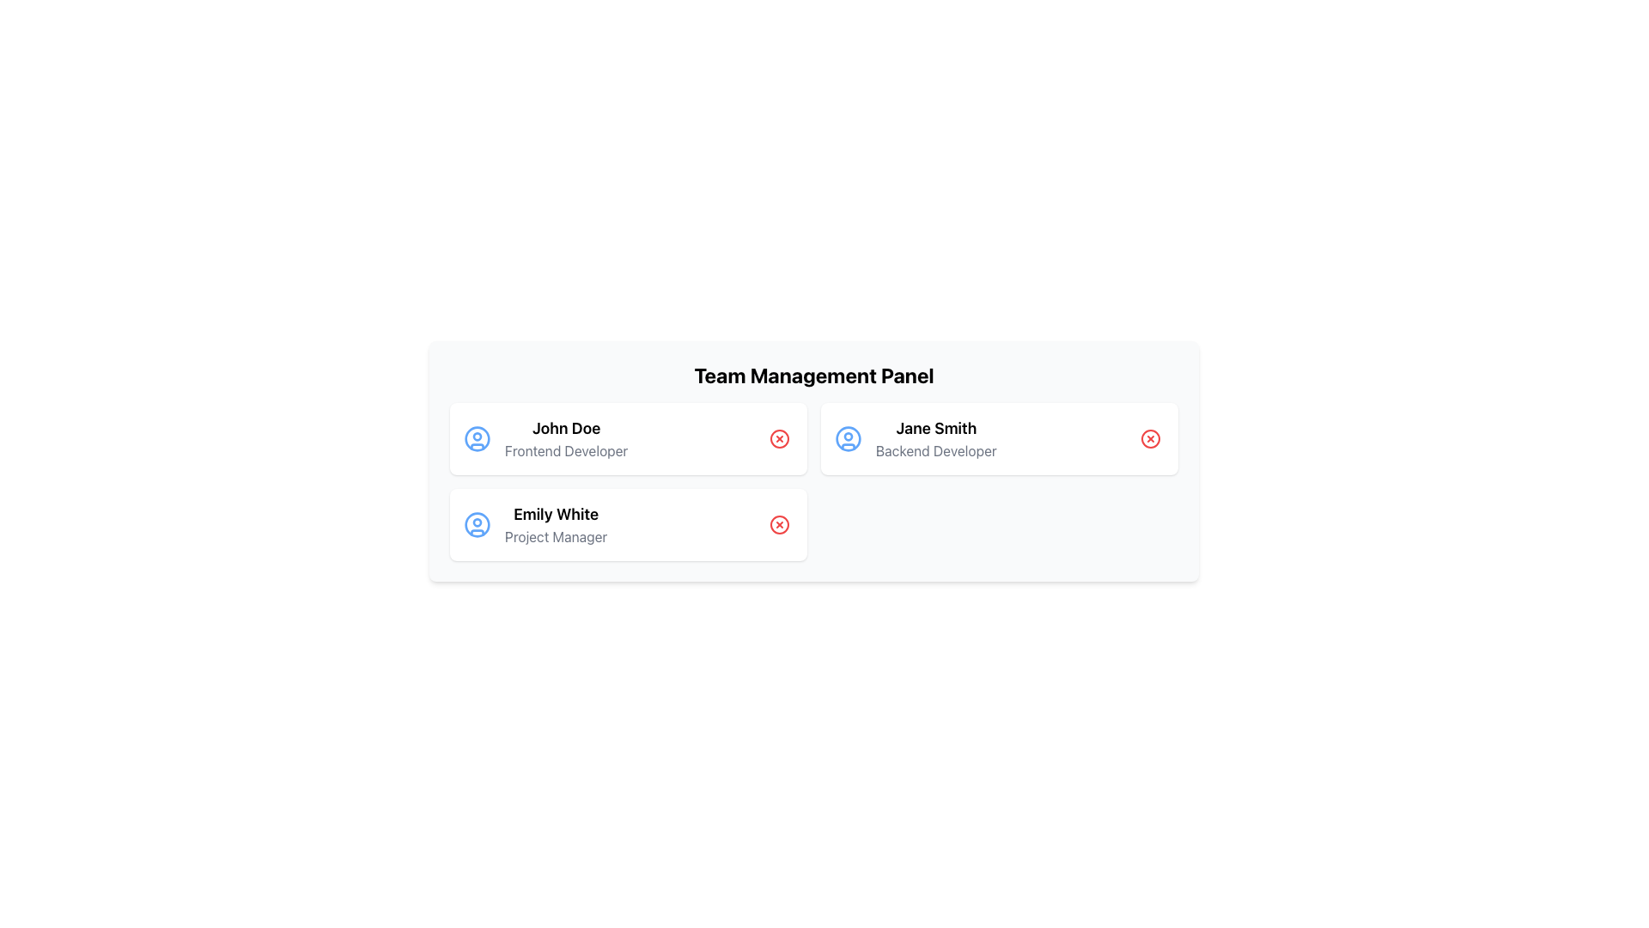 This screenshot has width=1649, height=928. I want to click on the card representing a team member located in the upper-right area of the grid, specifically the second item following the 'John Doe' card, so click(999, 437).